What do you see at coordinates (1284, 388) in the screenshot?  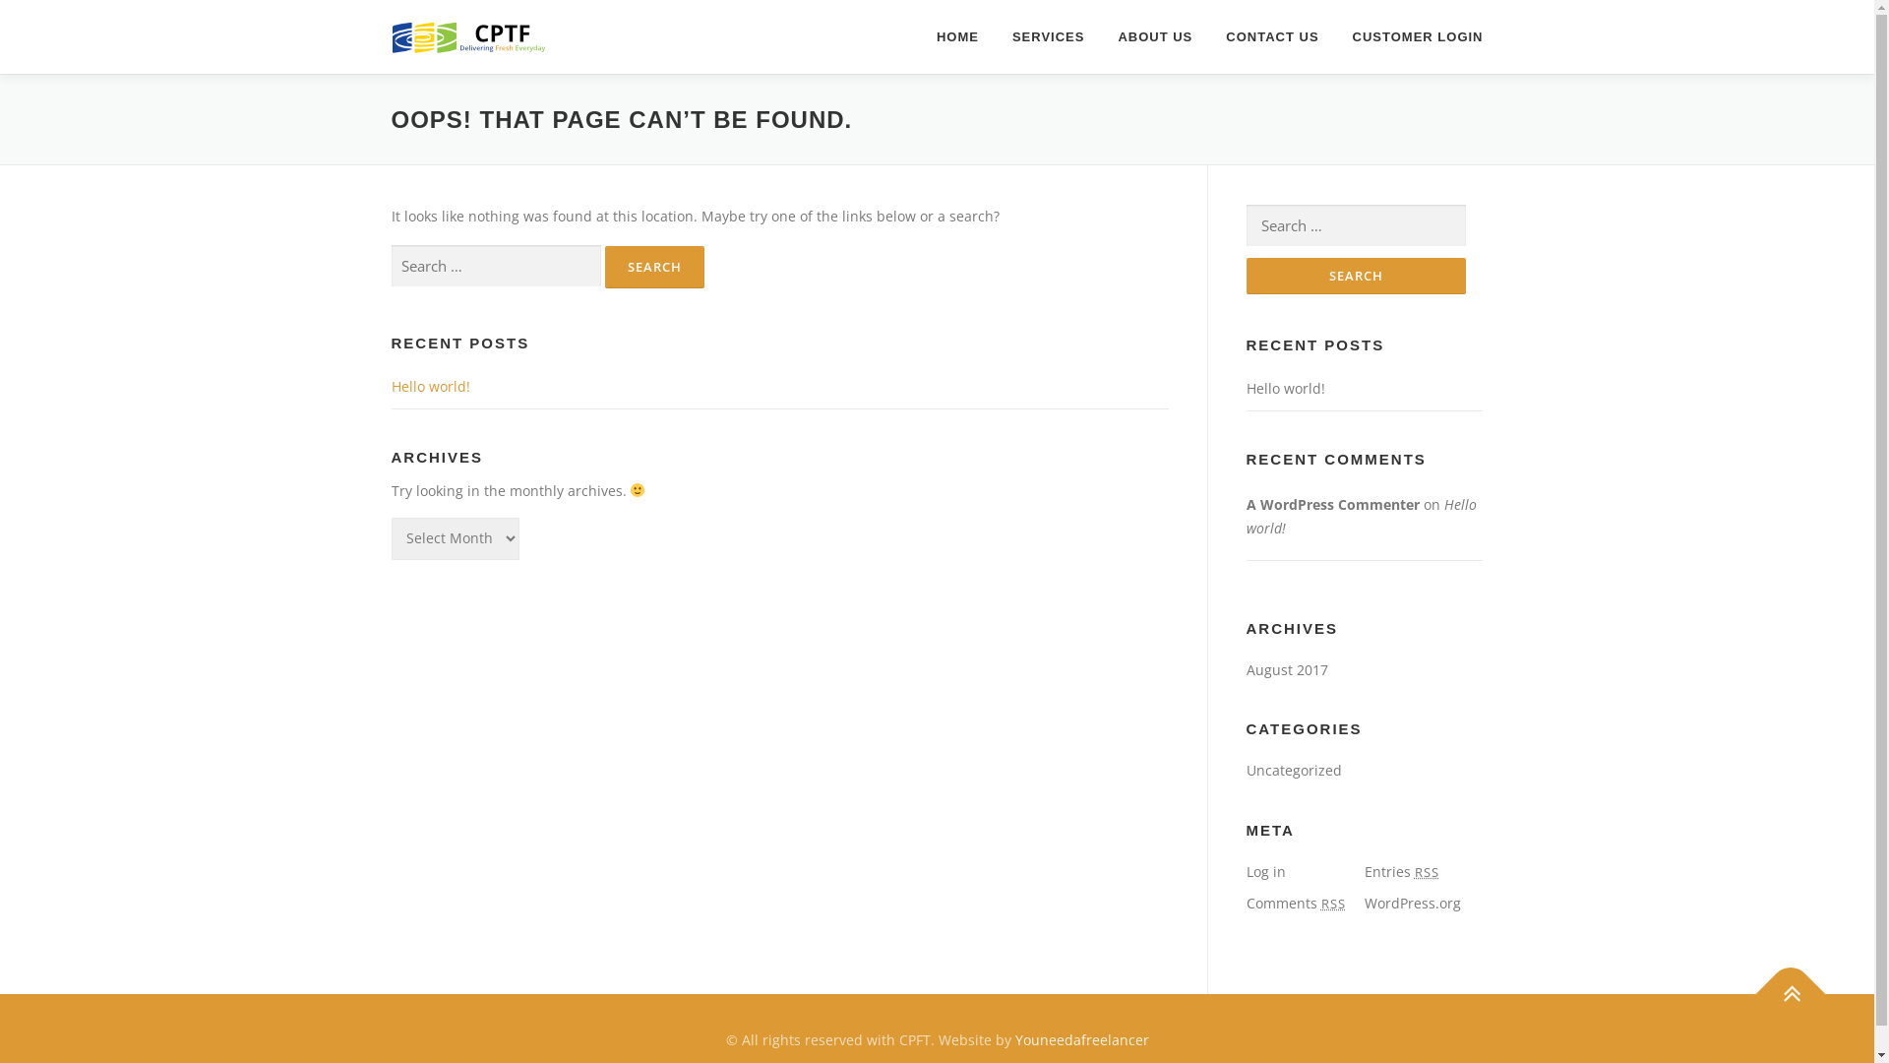 I see `'Hello world!'` at bounding box center [1284, 388].